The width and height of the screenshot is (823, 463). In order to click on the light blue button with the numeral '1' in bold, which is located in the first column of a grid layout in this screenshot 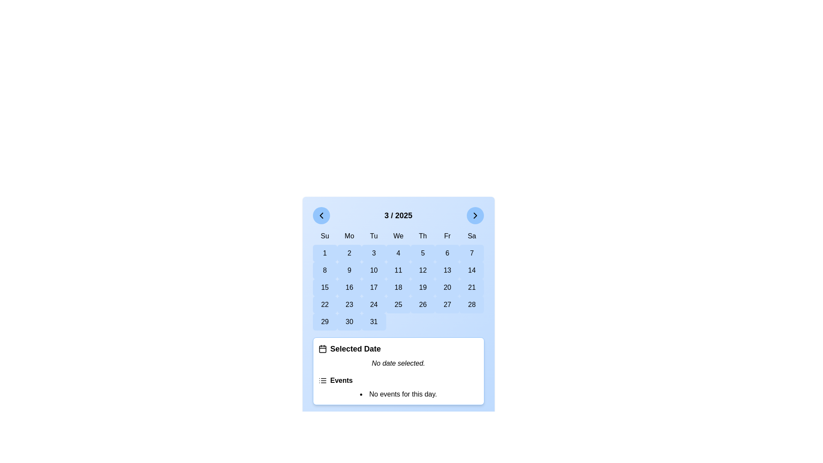, I will do `click(324, 253)`.